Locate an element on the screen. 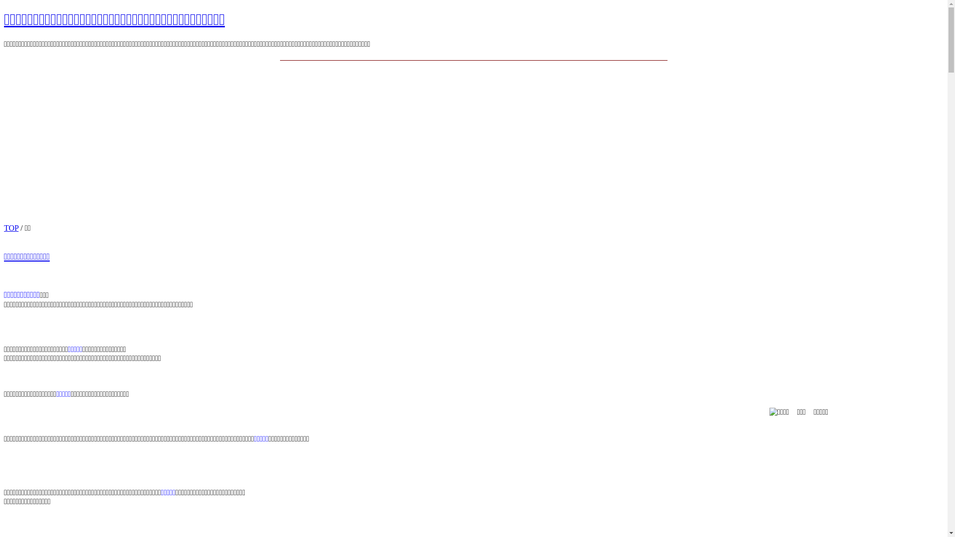 Image resolution: width=955 pixels, height=537 pixels. 'TOP' is located at coordinates (11, 228).